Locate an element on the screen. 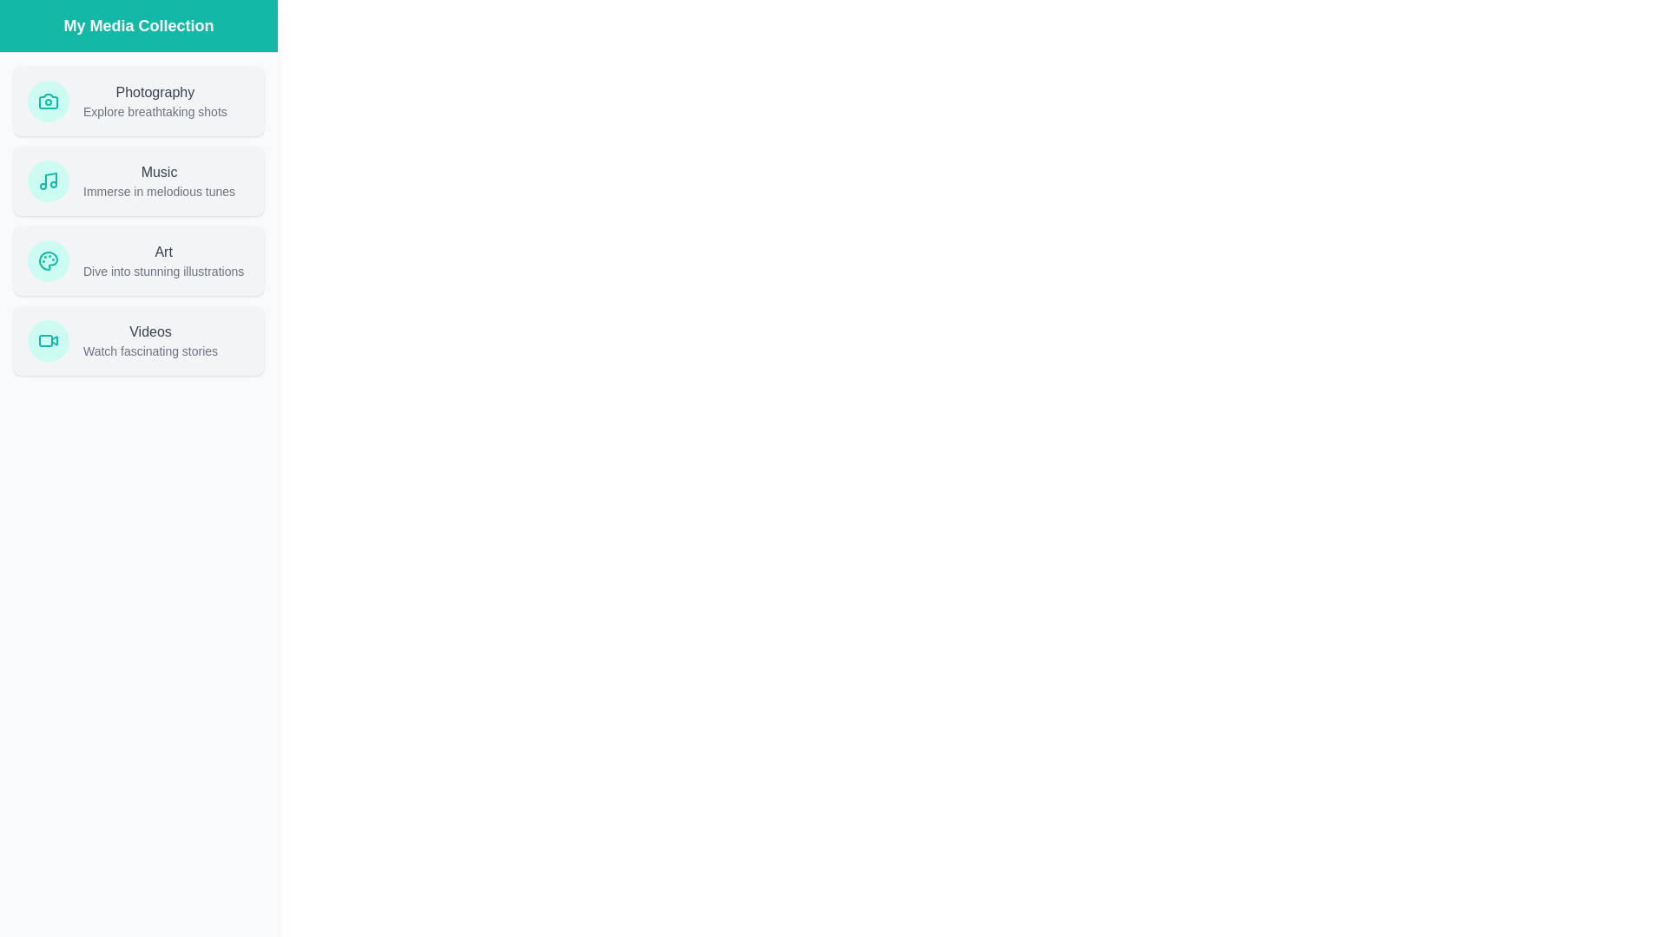 The width and height of the screenshot is (1667, 937). the media card representing Art is located at coordinates (137, 260).